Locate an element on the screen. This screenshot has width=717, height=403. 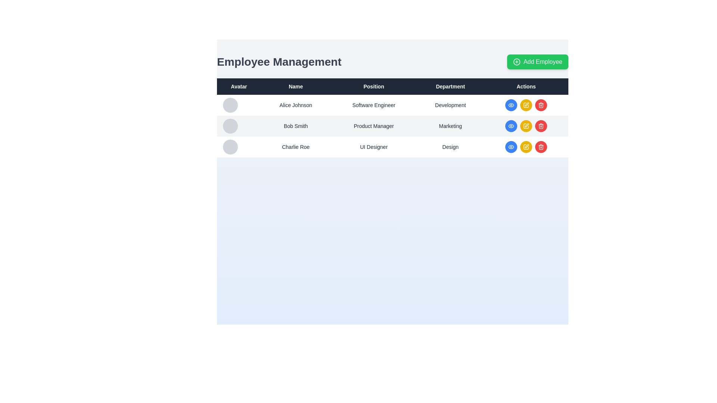
the circular green icon with a plus sign located to the left of the 'Add Employee' button to initiate the add employee action is located at coordinates (516, 61).